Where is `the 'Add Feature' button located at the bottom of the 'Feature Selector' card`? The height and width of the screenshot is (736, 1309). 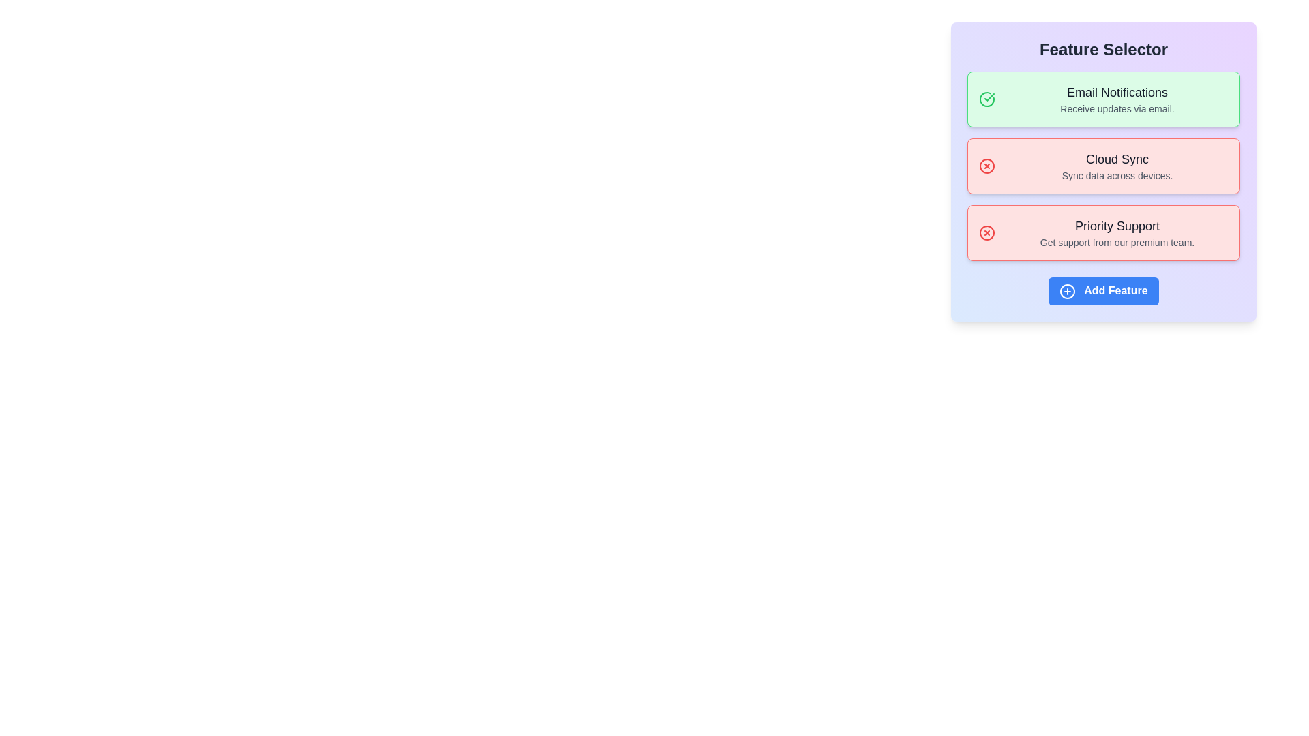 the 'Add Feature' button located at the bottom of the 'Feature Selector' card is located at coordinates (1103, 290).